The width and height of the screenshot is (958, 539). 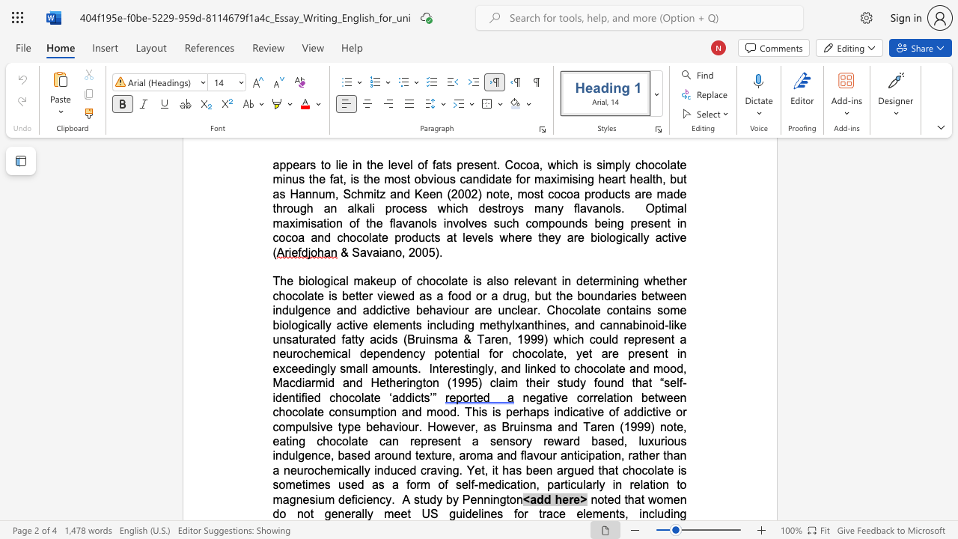 I want to click on the subset text "n do" within the text "noted that women do not", so click(x=679, y=499).